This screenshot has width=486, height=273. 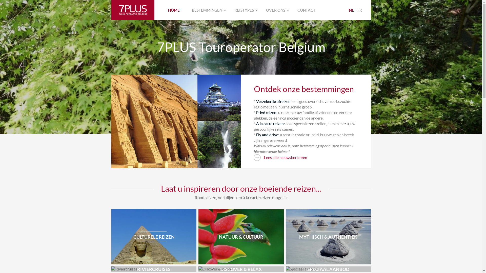 I want to click on 'FR', so click(x=359, y=10).